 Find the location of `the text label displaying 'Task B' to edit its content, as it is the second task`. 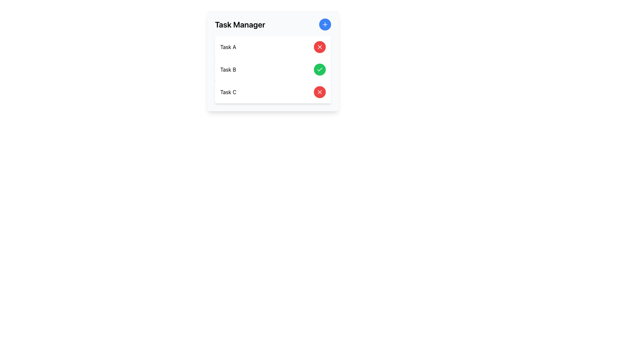

the text label displaying 'Task B' to edit its content, as it is the second task is located at coordinates (228, 69).